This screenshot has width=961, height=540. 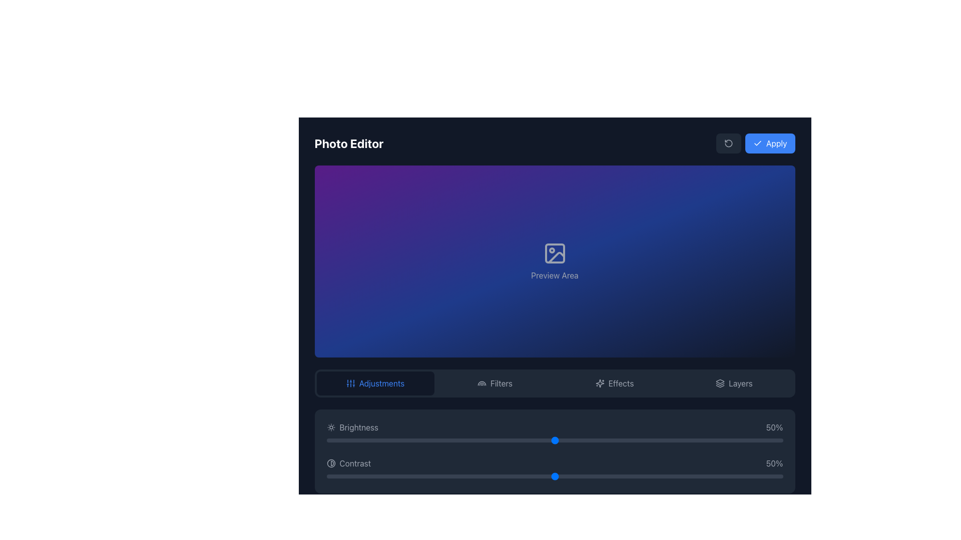 I want to click on the Text Label at the top-left corner of the photo editing application interface, which serves as a title or heading for the current section, so click(x=349, y=143).